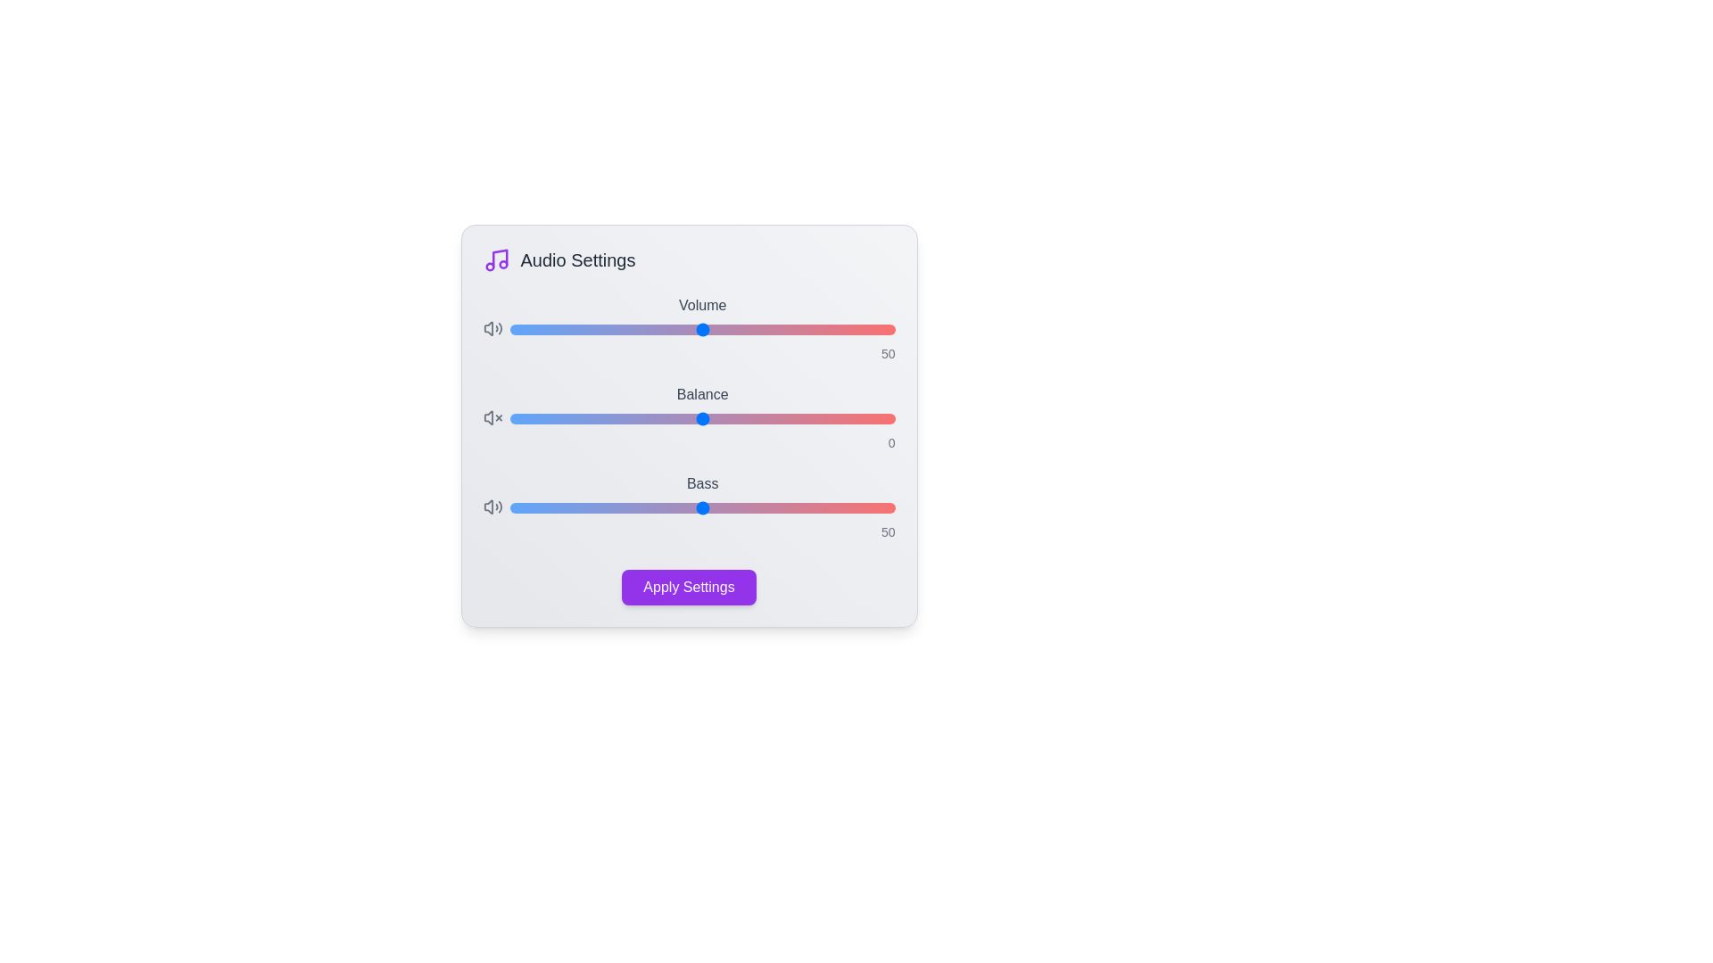 The height and width of the screenshot is (963, 1713). Describe the element at coordinates (659, 330) in the screenshot. I see `the 'Volume' slider to set the volume level to 39` at that location.